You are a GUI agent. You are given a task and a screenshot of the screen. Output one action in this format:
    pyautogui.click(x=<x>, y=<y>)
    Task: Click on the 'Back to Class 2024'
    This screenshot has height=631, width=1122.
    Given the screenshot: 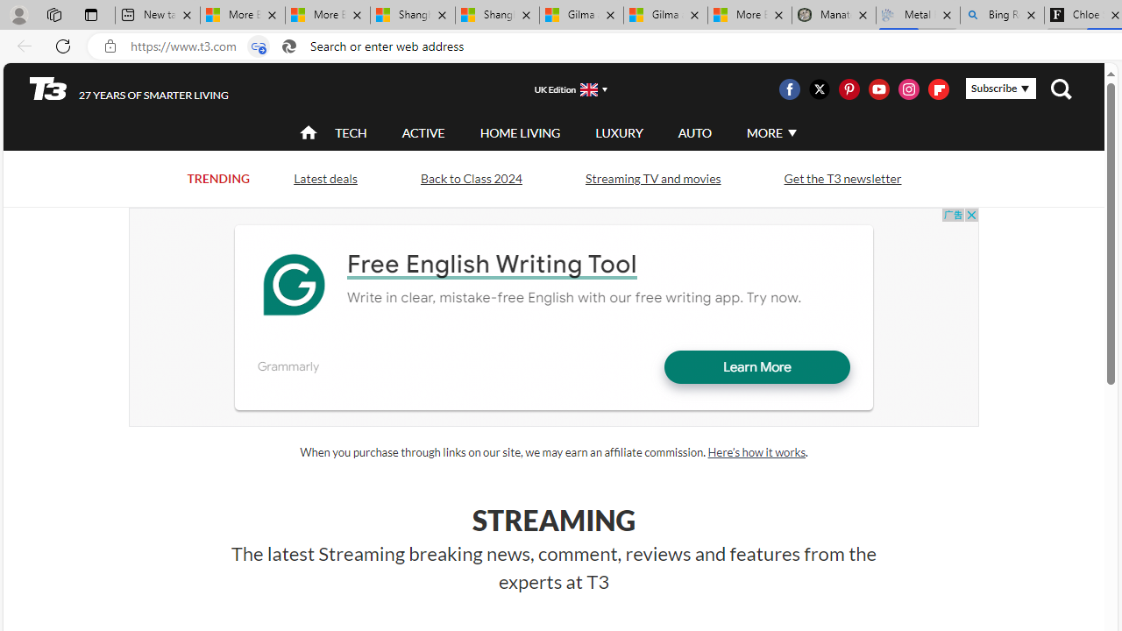 What is the action you would take?
    pyautogui.click(x=471, y=178)
    